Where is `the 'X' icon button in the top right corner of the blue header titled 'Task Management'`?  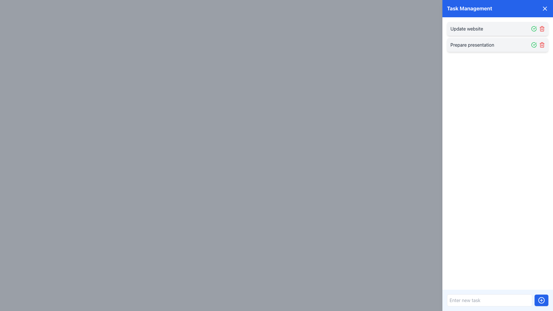
the 'X' icon button in the top right corner of the blue header titled 'Task Management' is located at coordinates (544, 9).